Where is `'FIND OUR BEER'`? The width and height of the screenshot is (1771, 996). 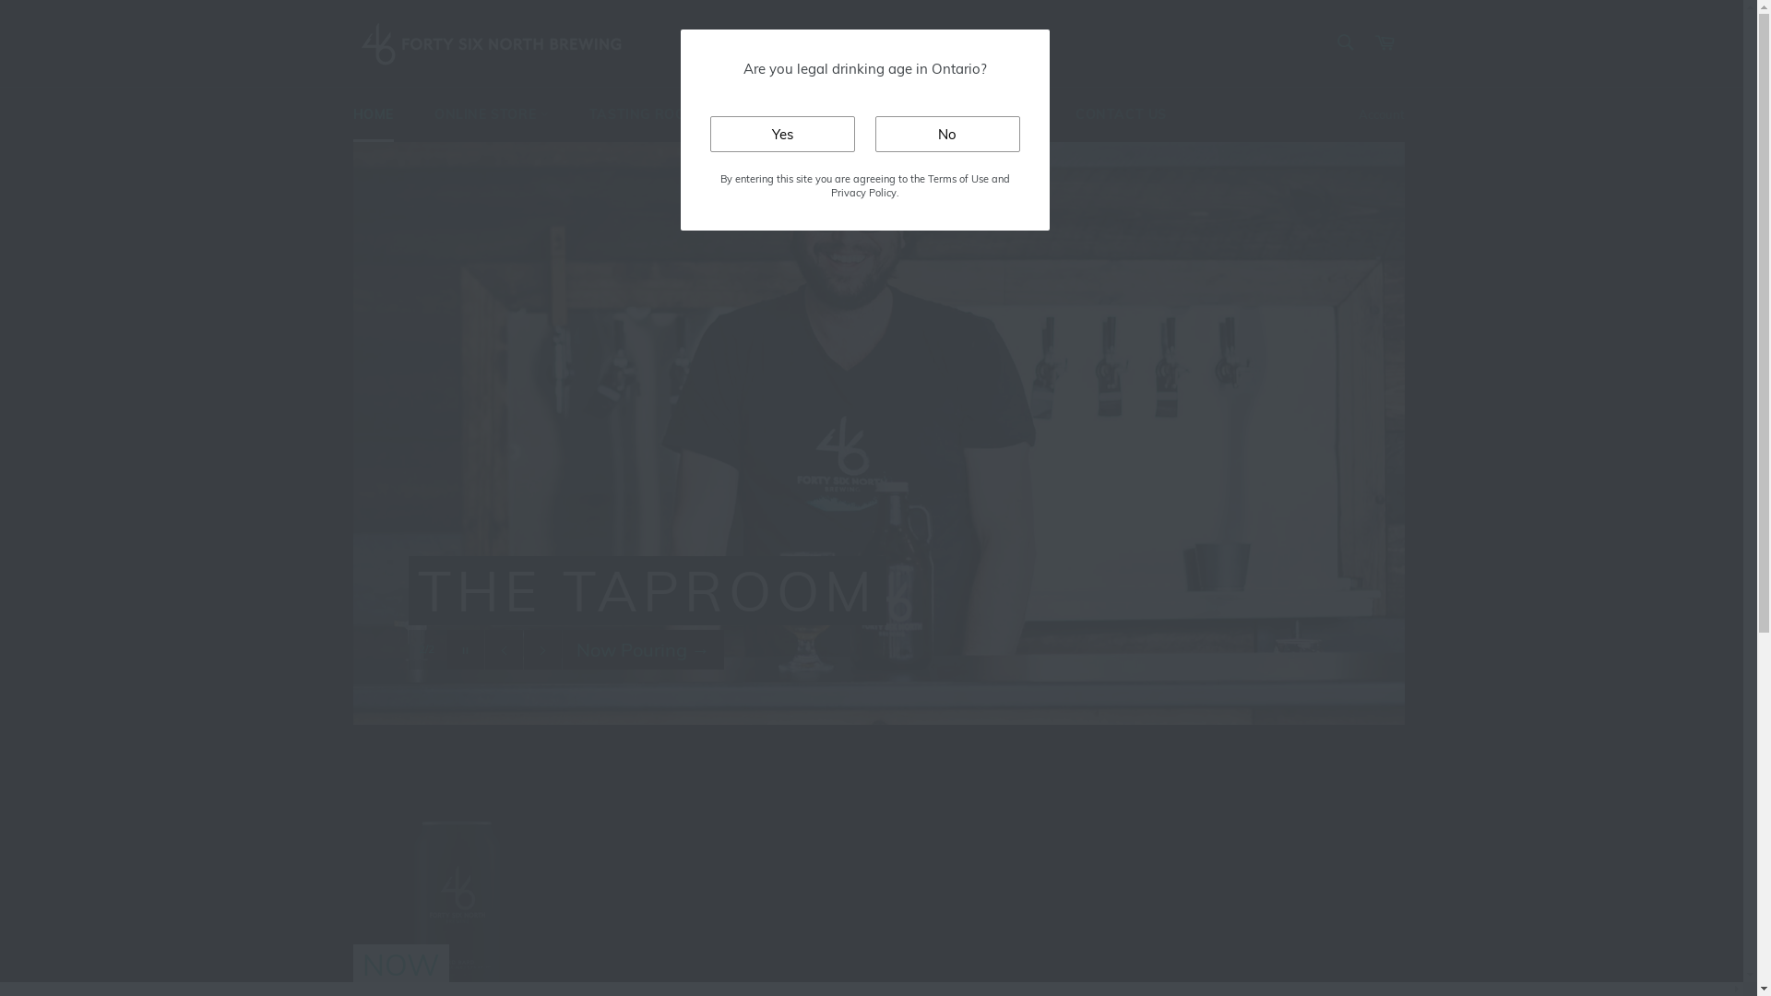 'FIND OUR BEER' is located at coordinates (908, 114).